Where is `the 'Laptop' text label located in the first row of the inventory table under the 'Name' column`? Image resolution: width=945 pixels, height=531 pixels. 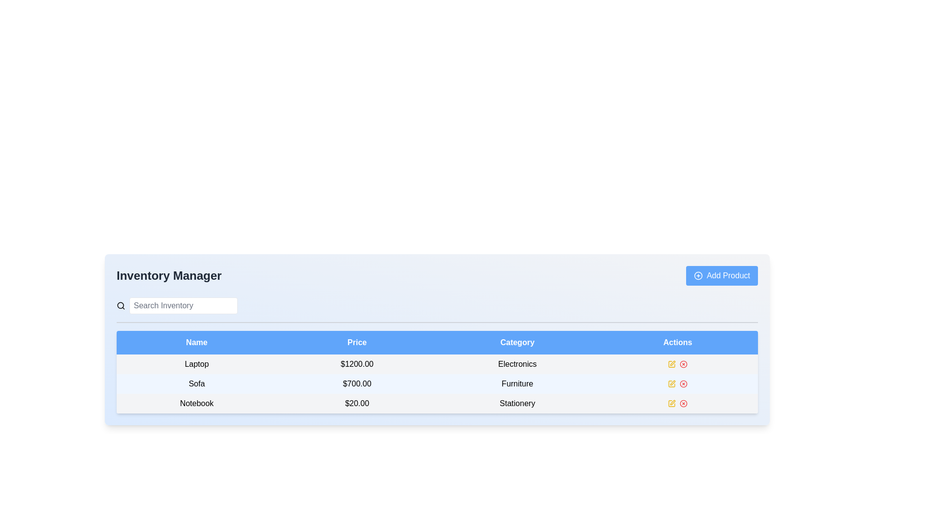
the 'Laptop' text label located in the first row of the inventory table under the 'Name' column is located at coordinates (196, 364).